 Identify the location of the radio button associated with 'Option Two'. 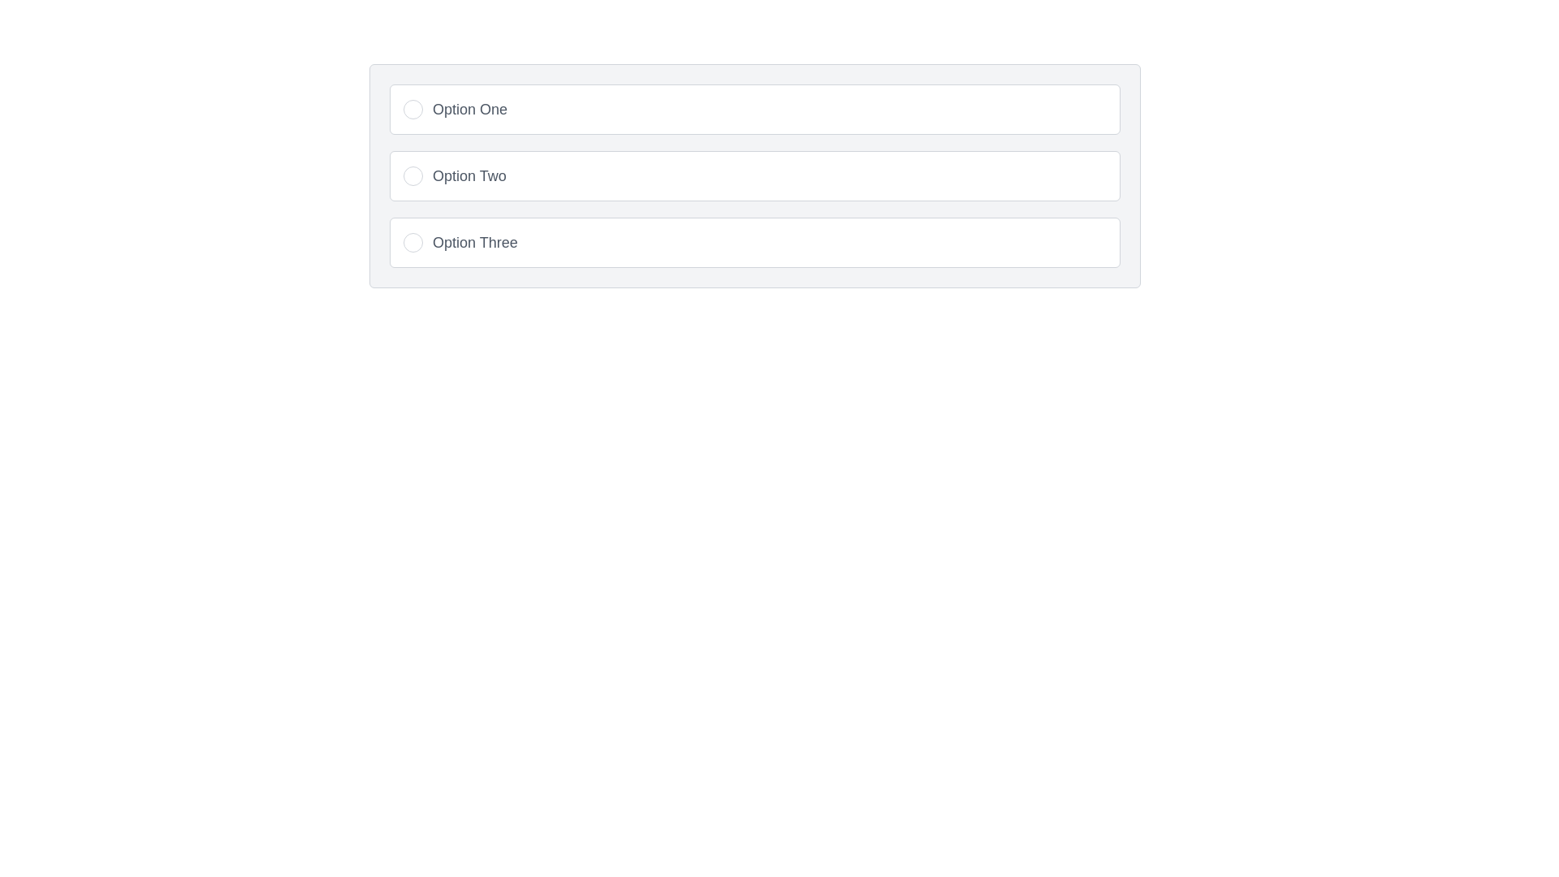
(412, 175).